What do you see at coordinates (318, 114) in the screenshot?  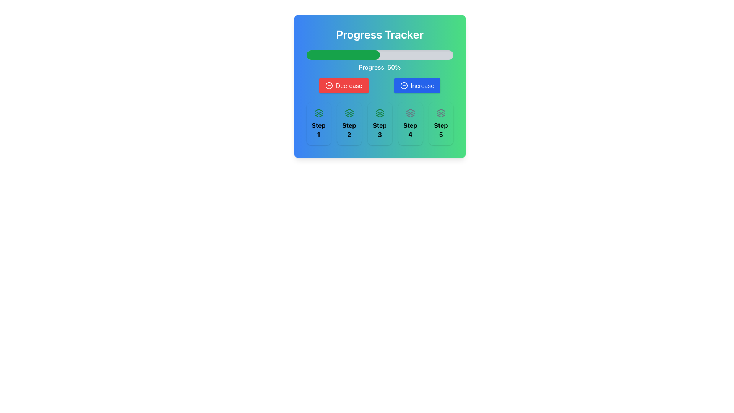 I see `the second layered polygon shape in the SVG graphic that is part of a stack-like structure` at bounding box center [318, 114].